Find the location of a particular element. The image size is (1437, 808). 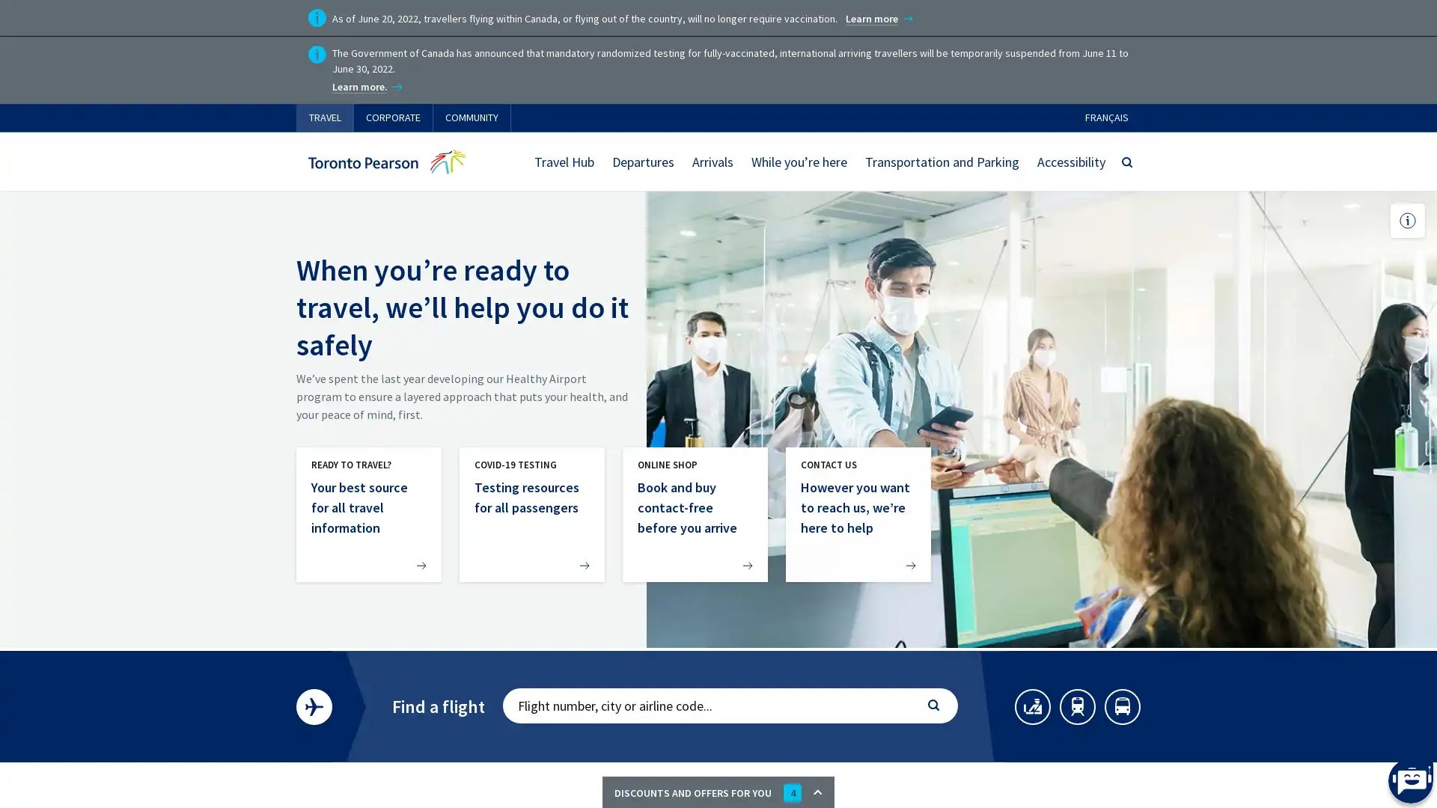

TRAINS is located at coordinates (1078, 706).